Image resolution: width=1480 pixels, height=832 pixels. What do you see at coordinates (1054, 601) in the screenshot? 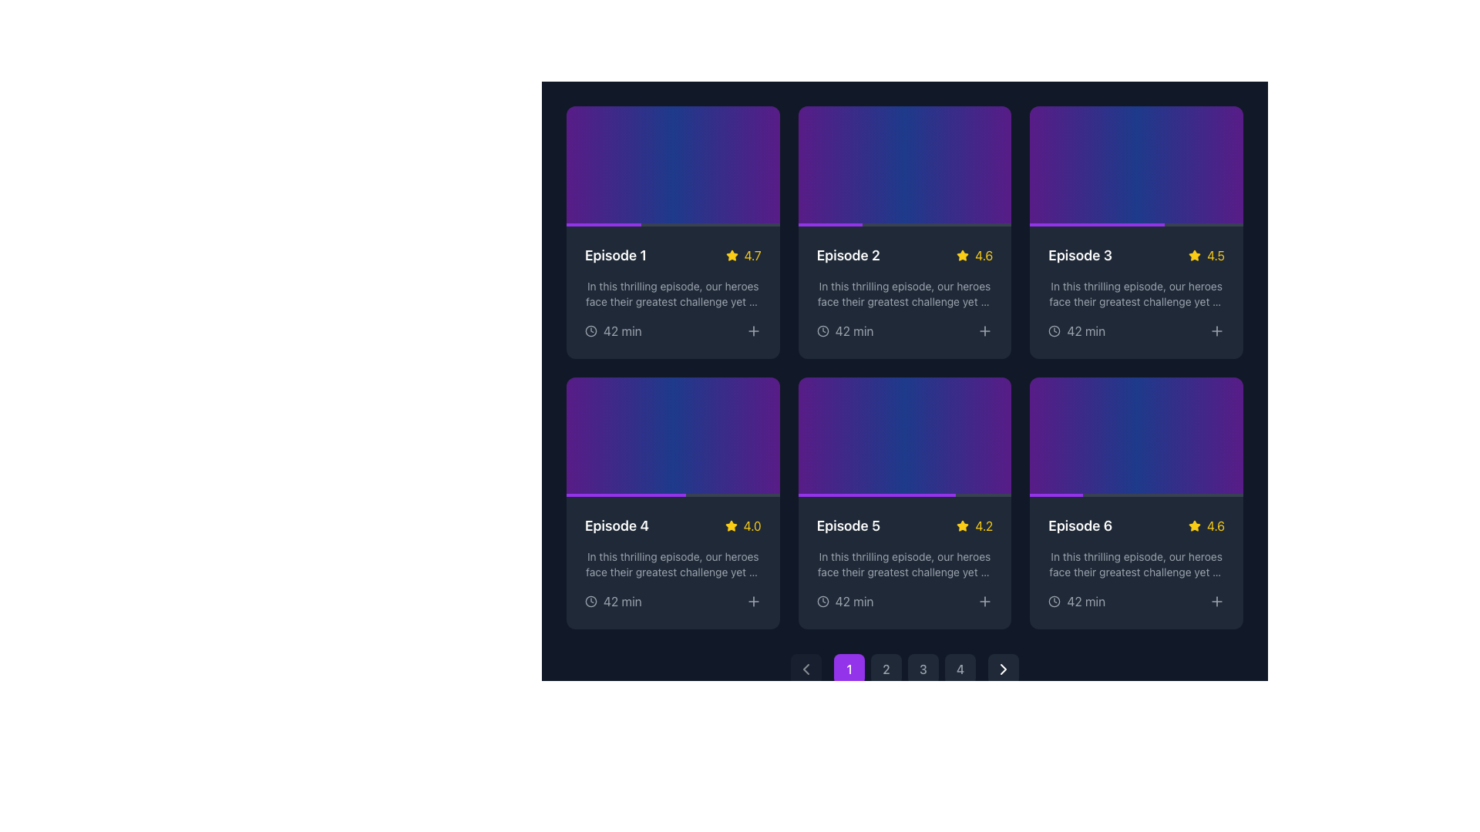
I see `the clock icon located in the bottom-right area of the grid item for Episode 6, which is part of a smaller interface group and marked by a grayish stroke color` at bounding box center [1054, 601].